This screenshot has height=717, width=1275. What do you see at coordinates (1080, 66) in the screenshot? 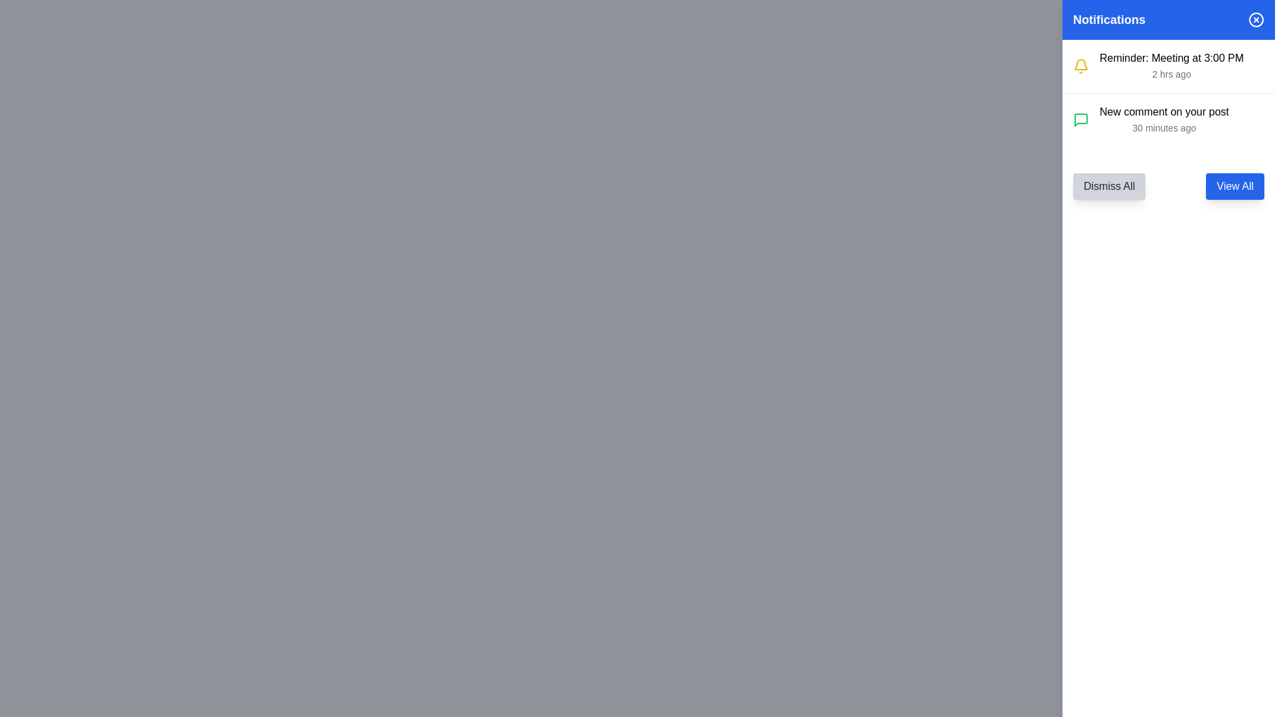
I see `the notification icon located at the top-left corner of the 'Reminder: Meeting at 3:00 PM' notification card` at bounding box center [1080, 66].